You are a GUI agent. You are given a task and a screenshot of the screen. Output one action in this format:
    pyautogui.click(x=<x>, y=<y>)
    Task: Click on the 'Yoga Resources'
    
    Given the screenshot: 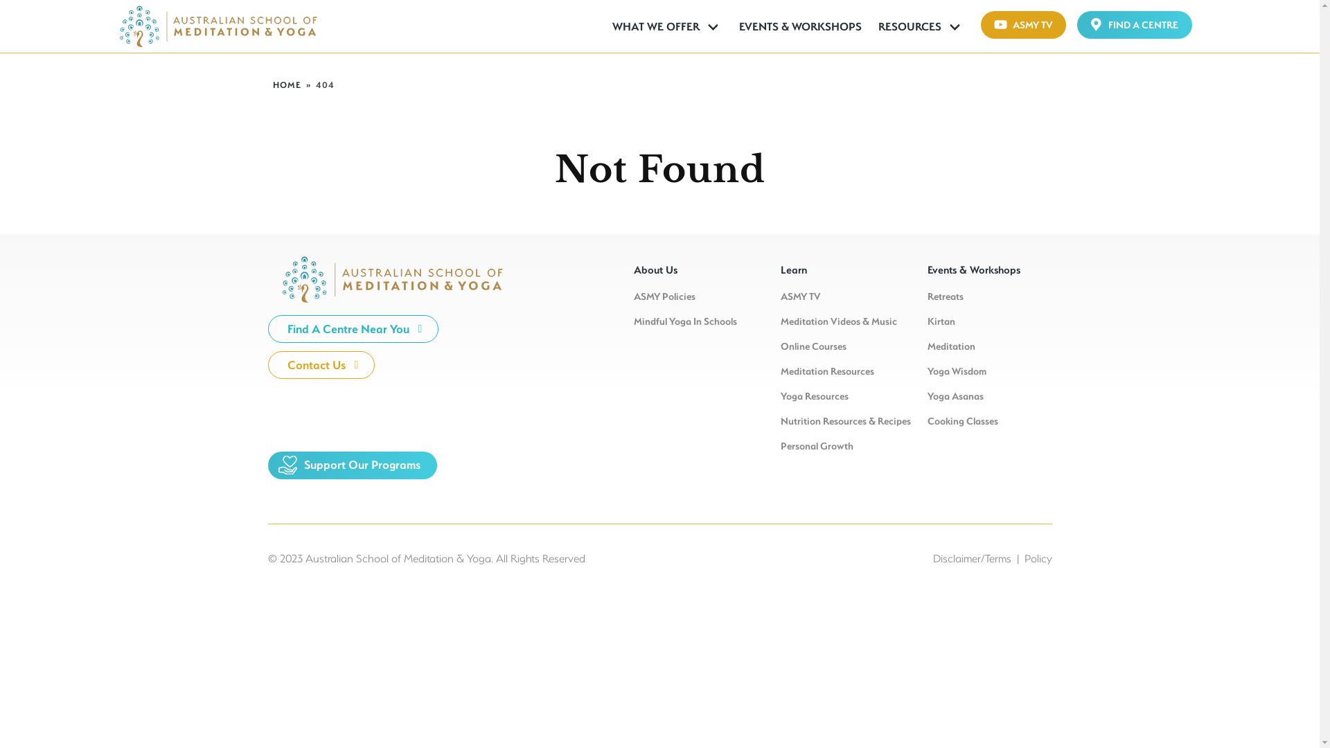 What is the action you would take?
    pyautogui.click(x=780, y=395)
    